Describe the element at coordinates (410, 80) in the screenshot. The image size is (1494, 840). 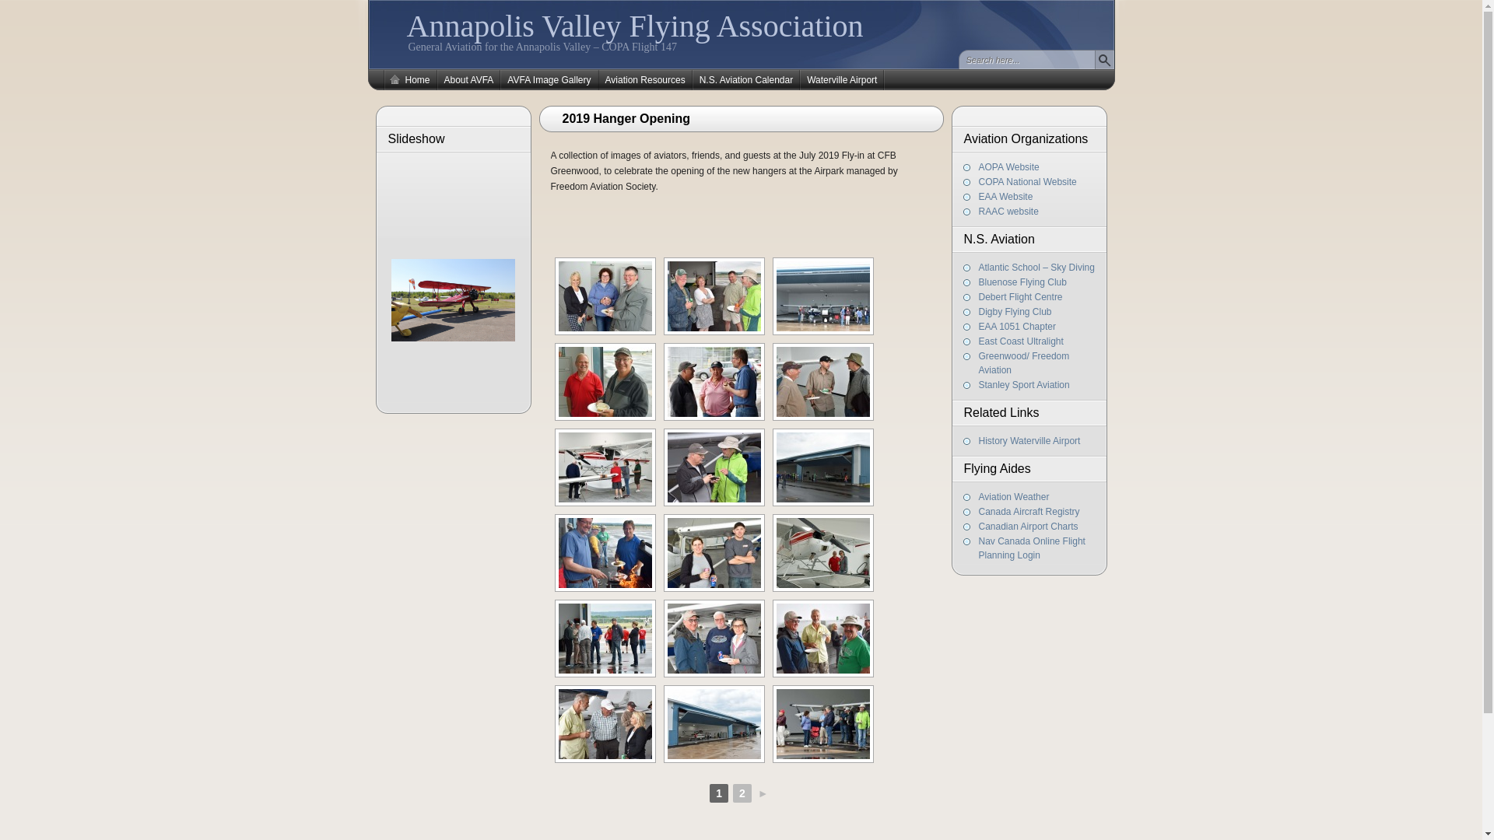
I see `'Home'` at that location.